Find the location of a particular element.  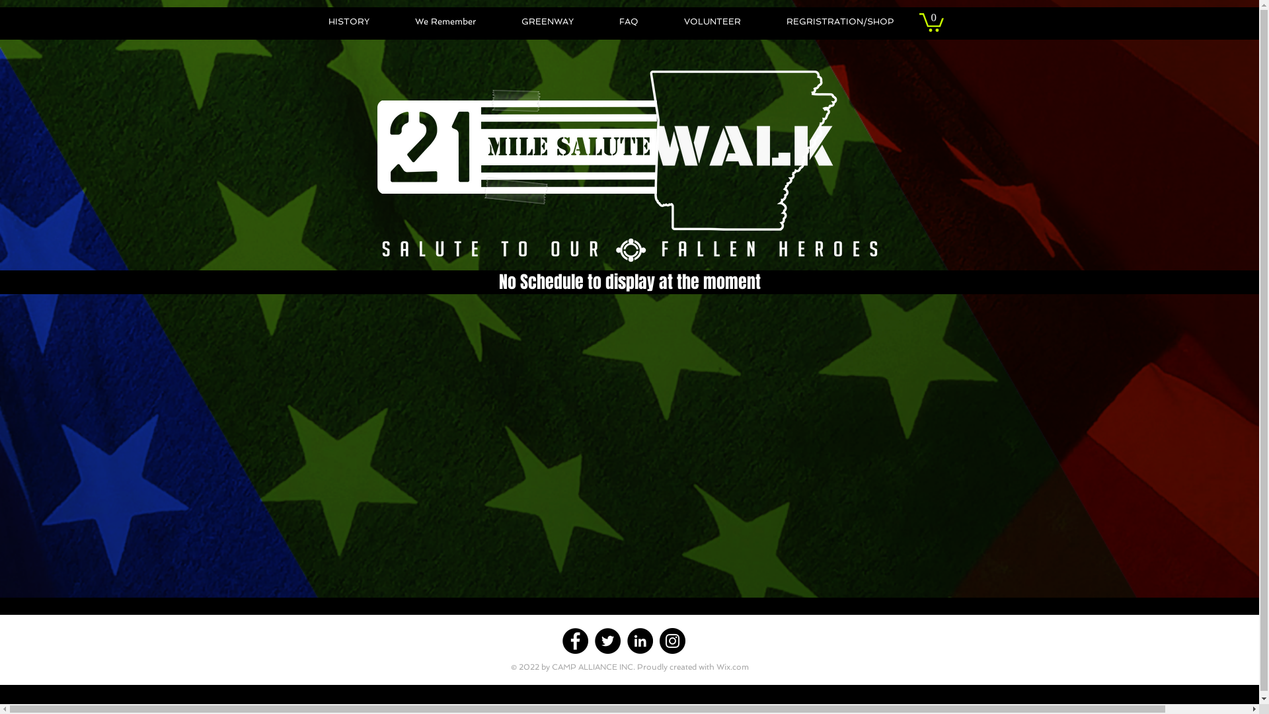

'FAQ' is located at coordinates (596, 22).